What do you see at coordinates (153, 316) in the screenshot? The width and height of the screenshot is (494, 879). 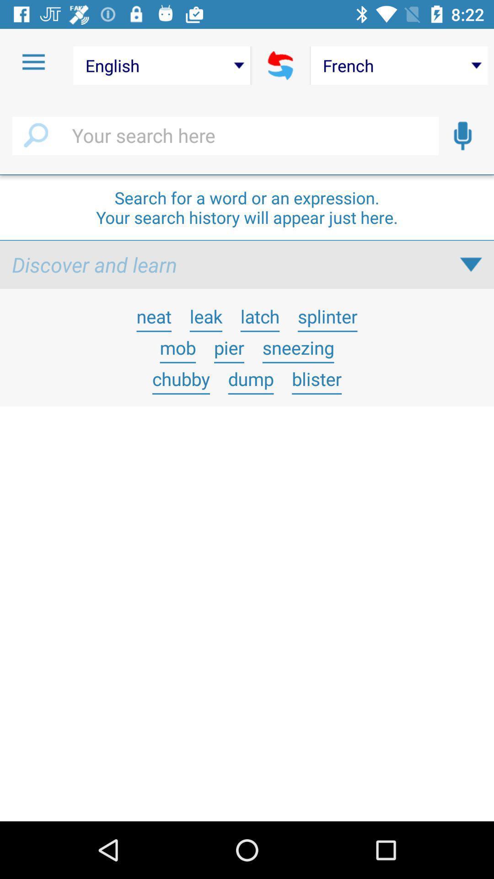 I see `the item above the mob item` at bounding box center [153, 316].